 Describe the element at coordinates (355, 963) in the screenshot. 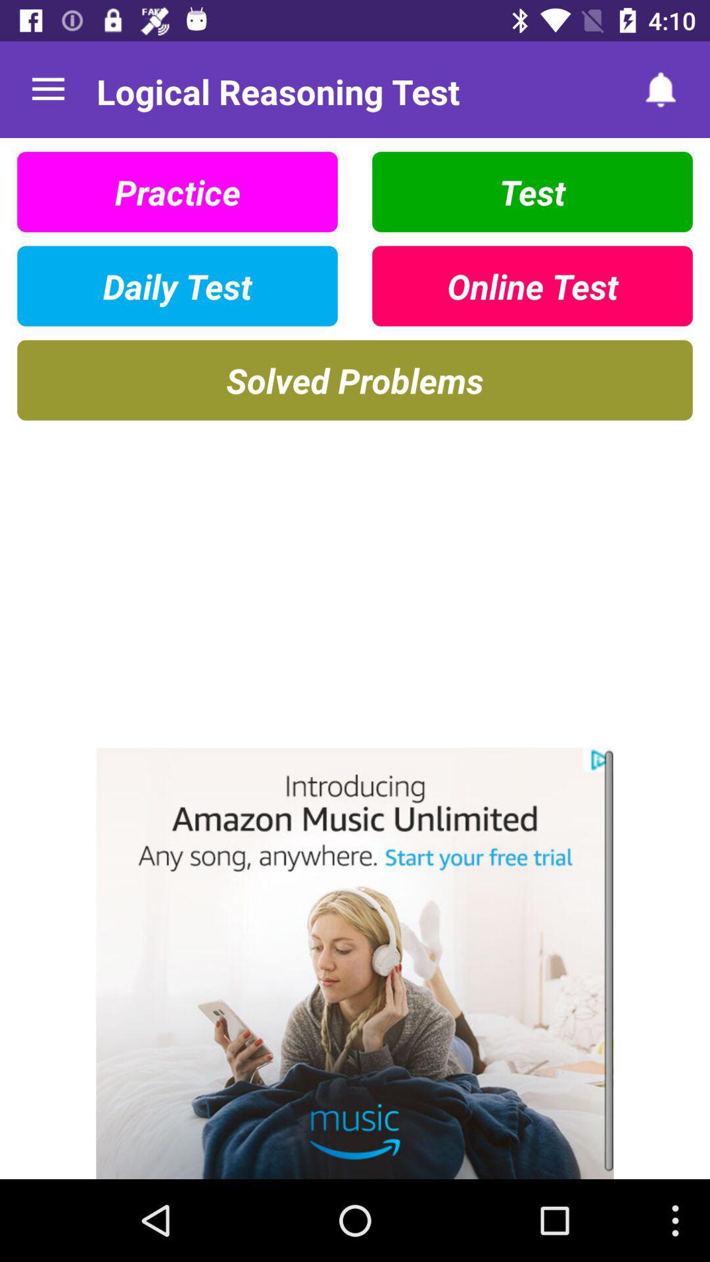

I see `advertisement` at that location.